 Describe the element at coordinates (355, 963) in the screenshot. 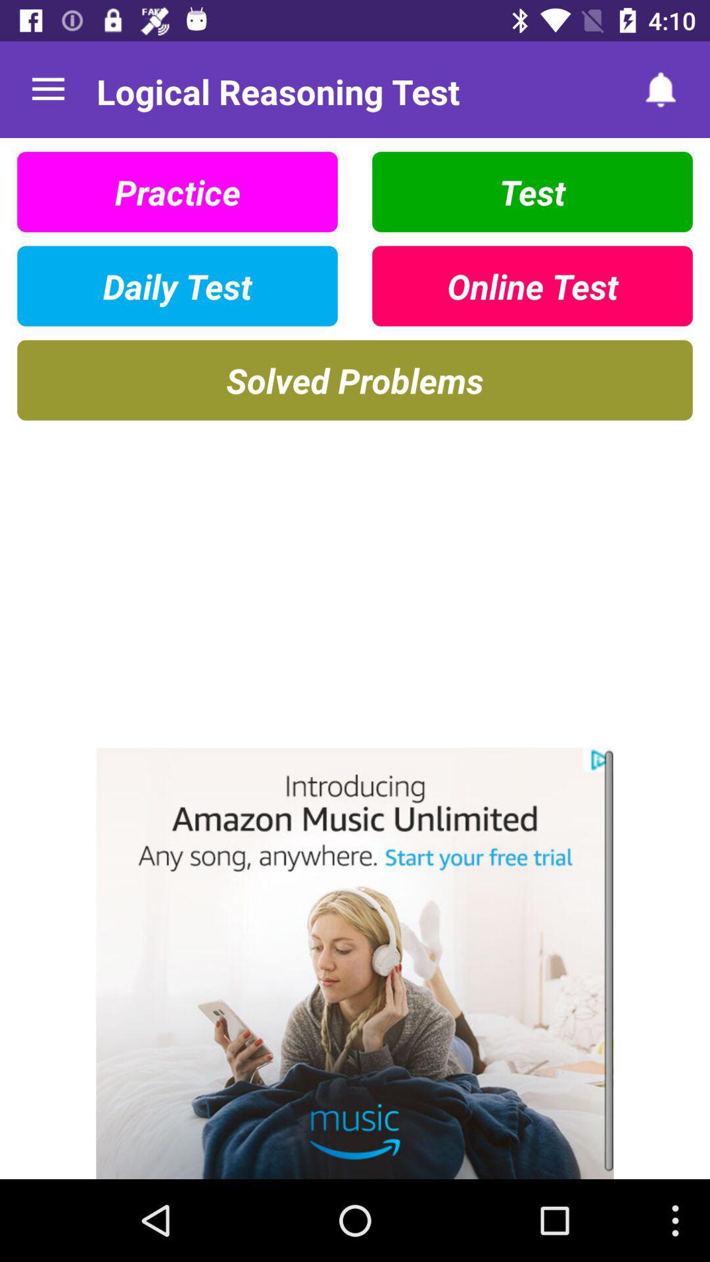

I see `advertisement` at that location.